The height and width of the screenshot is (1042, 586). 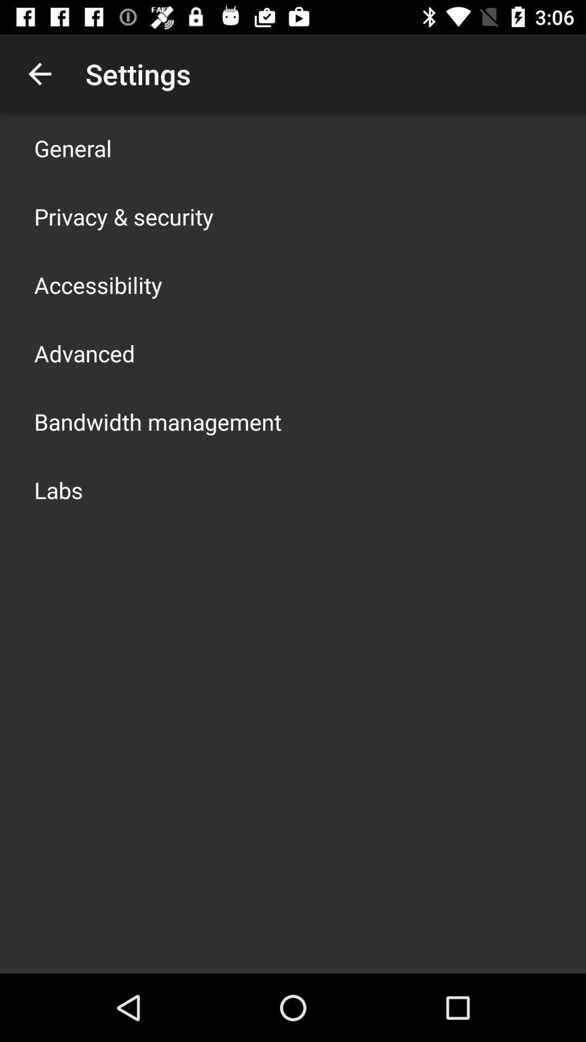 What do you see at coordinates (123, 216) in the screenshot?
I see `the privacy & security` at bounding box center [123, 216].